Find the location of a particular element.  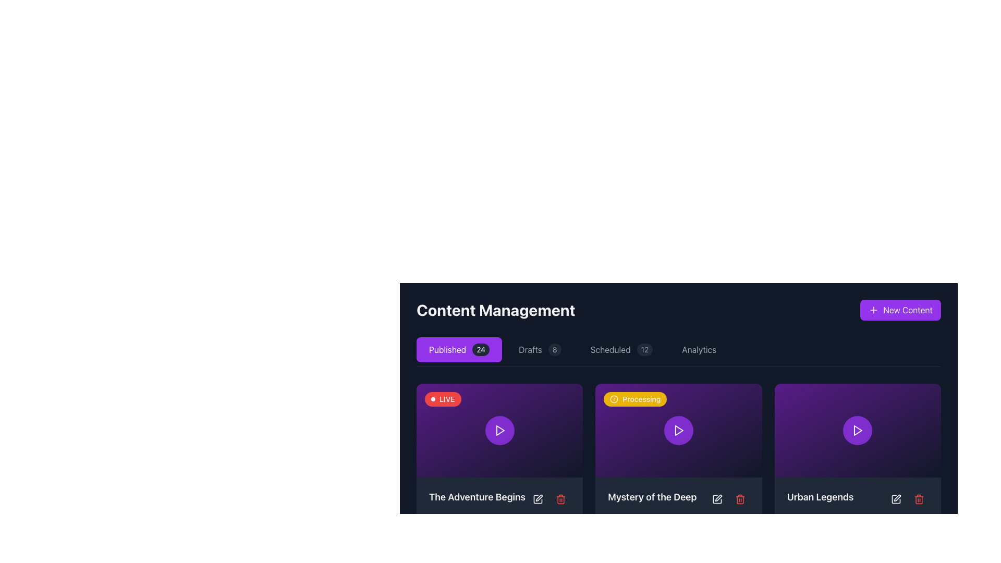

the text label displaying 'Mystery of the Deep', which is the title of the second card in a grid layout, positioned below an interactive button and next to edit and delete icons is located at coordinates (678, 498).